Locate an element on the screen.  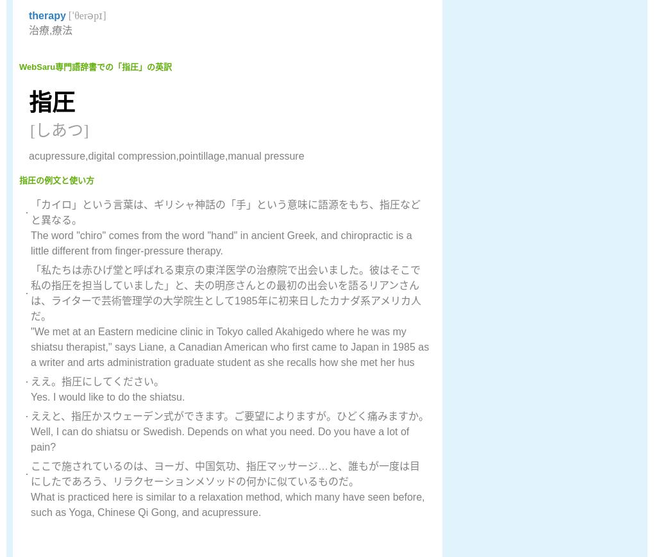
'The word "chiro" comes from the word "hand" in ancient Greek, and chiropractic is a little different from finger-pressure therapy.' is located at coordinates (220, 242).